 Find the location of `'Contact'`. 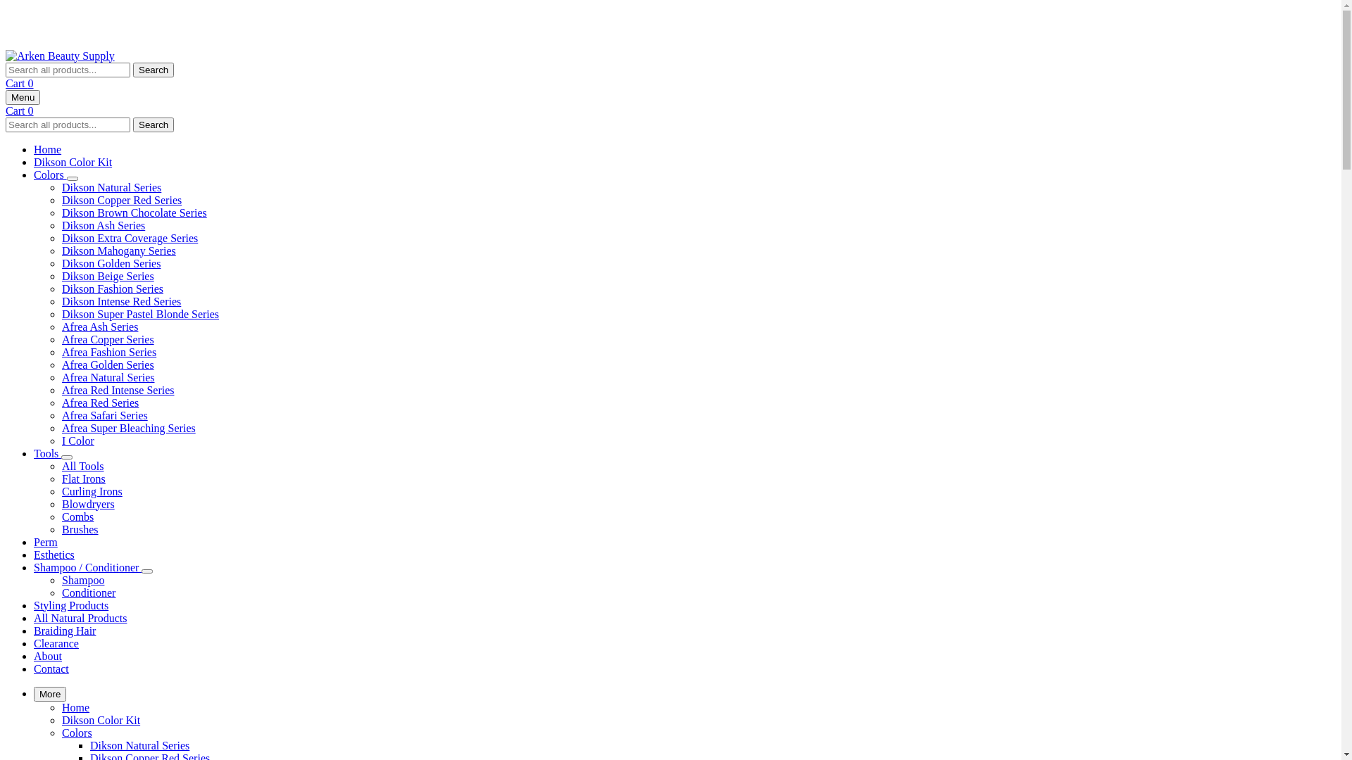

'Contact' is located at coordinates (51, 668).